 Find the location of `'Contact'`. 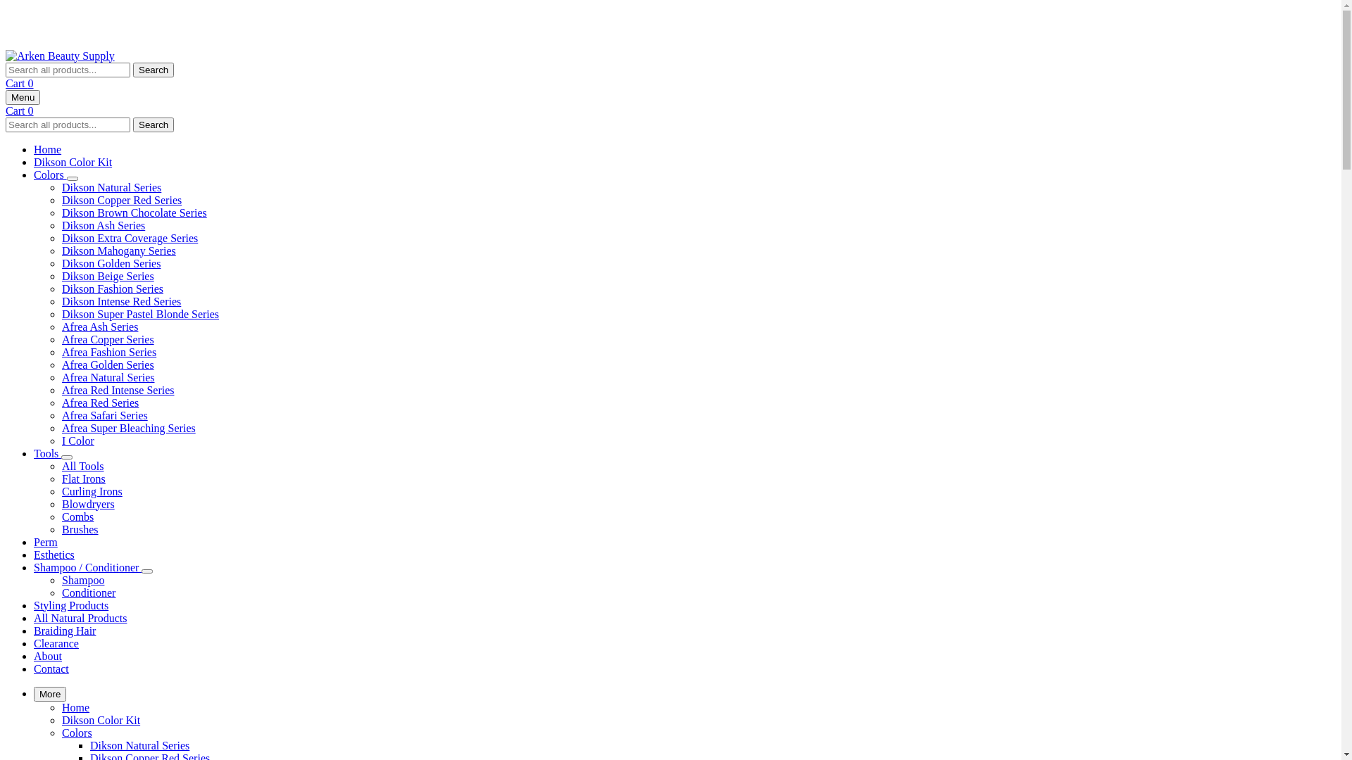

'Contact' is located at coordinates (51, 668).